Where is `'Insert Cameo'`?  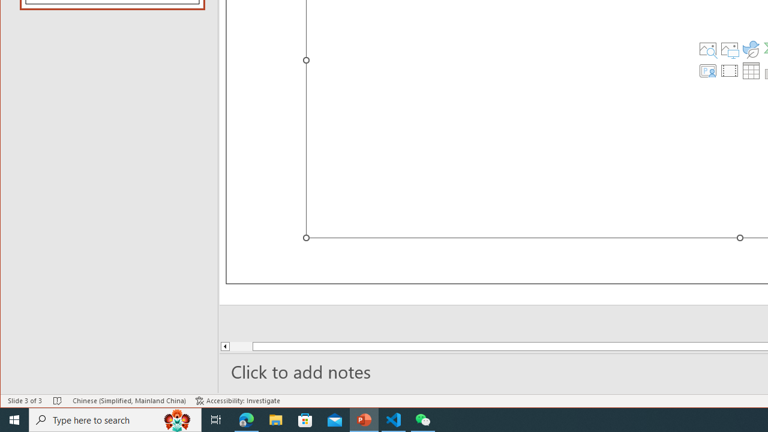 'Insert Cameo' is located at coordinates (707, 71).